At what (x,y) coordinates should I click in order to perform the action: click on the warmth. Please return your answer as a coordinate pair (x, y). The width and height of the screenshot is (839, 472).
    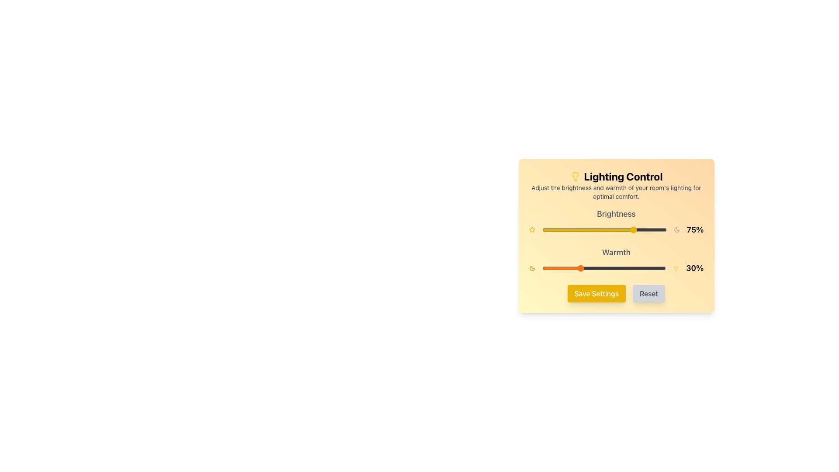
    Looking at the image, I should click on (626, 267).